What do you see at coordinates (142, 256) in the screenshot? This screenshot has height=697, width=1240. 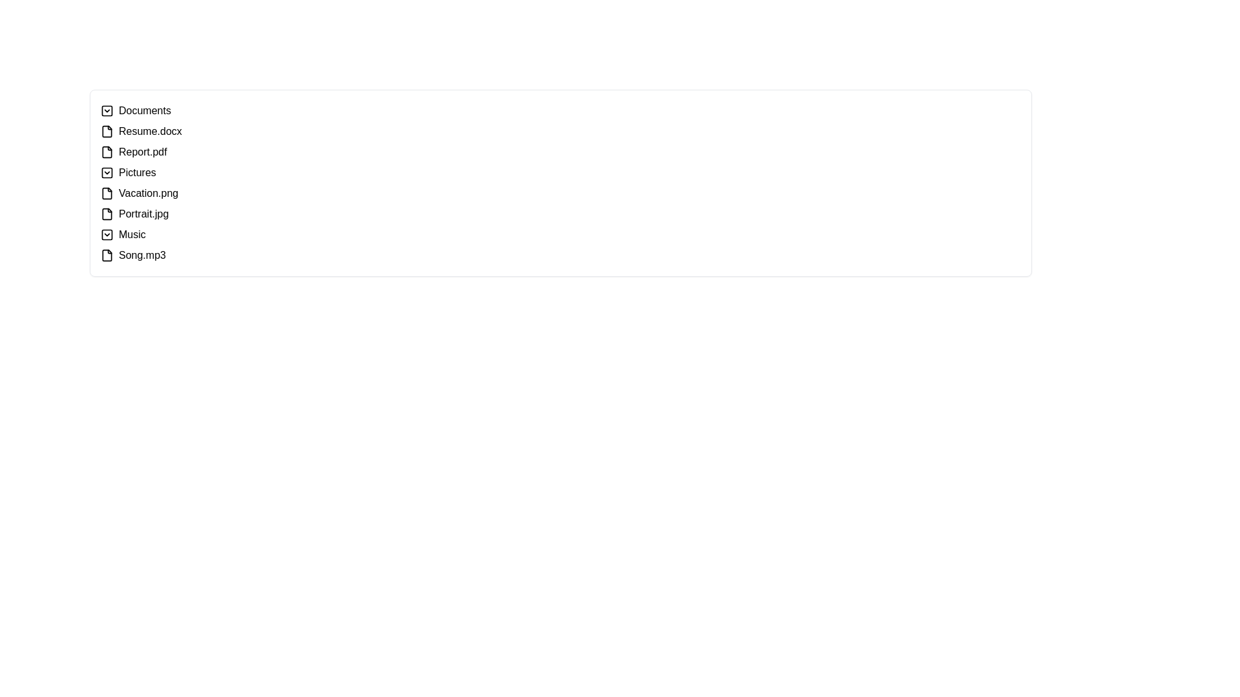 I see `the text label displaying 'Song.mp3' in the Music folder of the file browser interface` at bounding box center [142, 256].